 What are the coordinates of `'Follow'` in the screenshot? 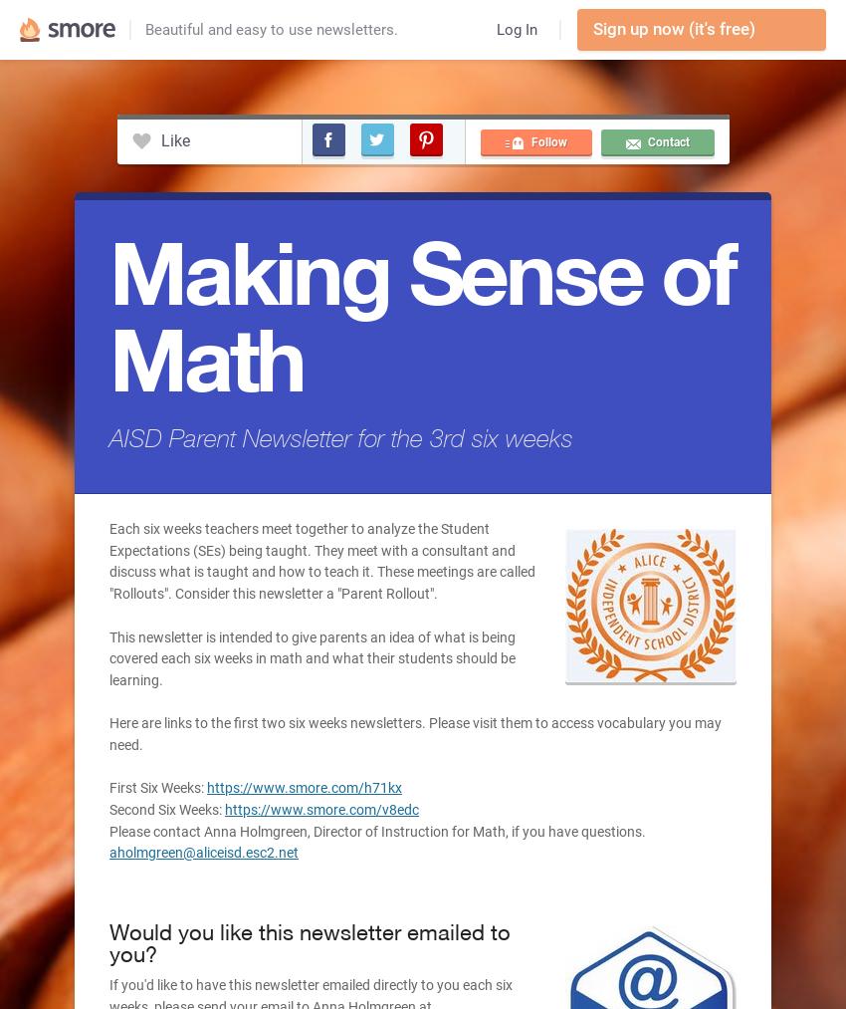 It's located at (546, 142).